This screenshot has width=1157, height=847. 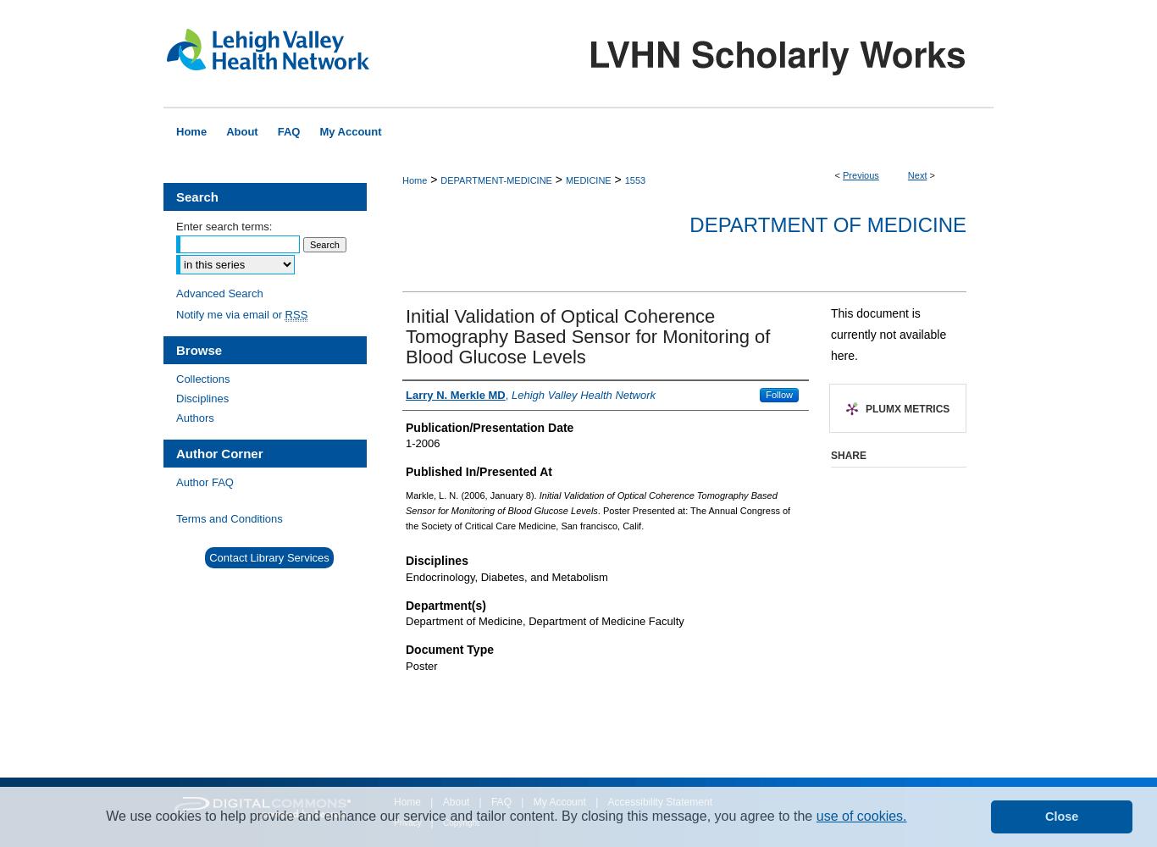 What do you see at coordinates (443, 822) in the screenshot?
I see `'Copyright'` at bounding box center [443, 822].